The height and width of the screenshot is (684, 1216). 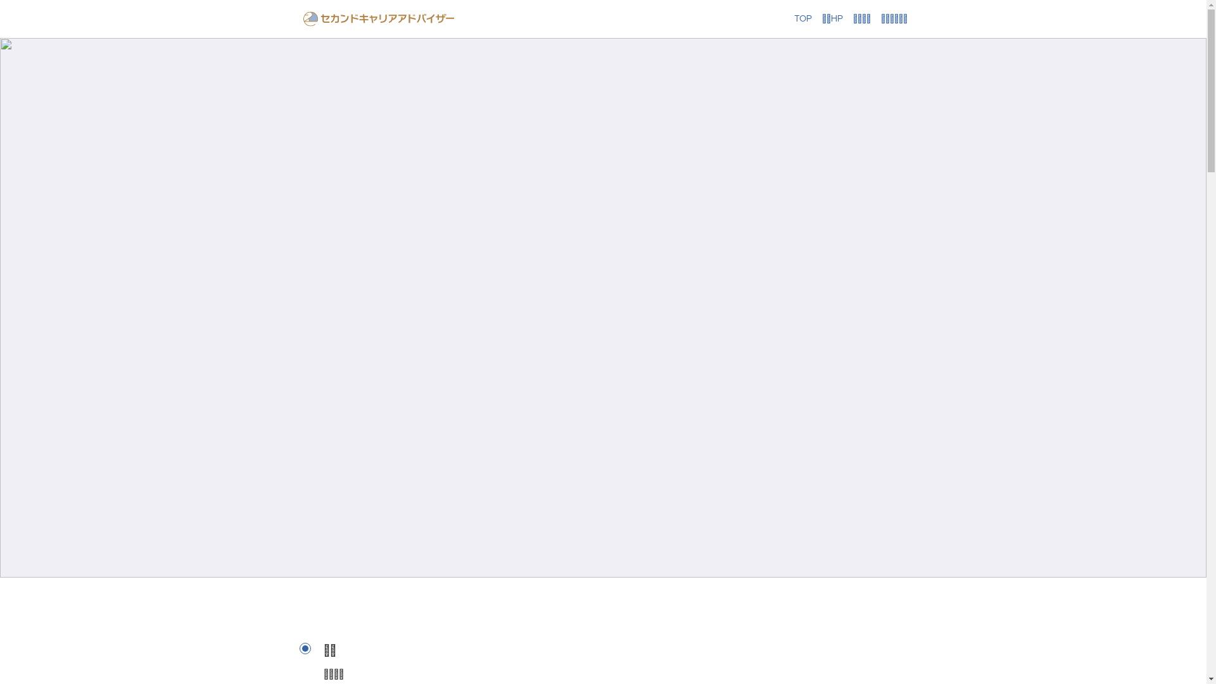 What do you see at coordinates (793, 19) in the screenshot?
I see `'TOP'` at bounding box center [793, 19].